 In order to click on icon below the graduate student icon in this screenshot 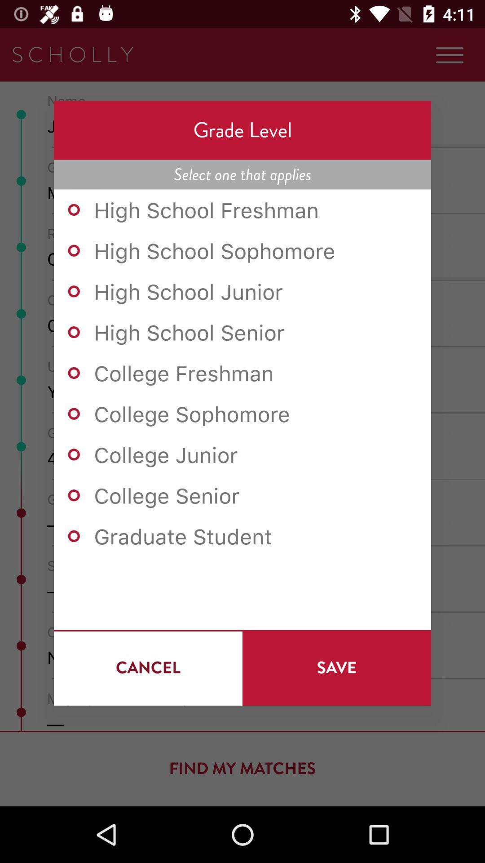, I will do `click(148, 667)`.